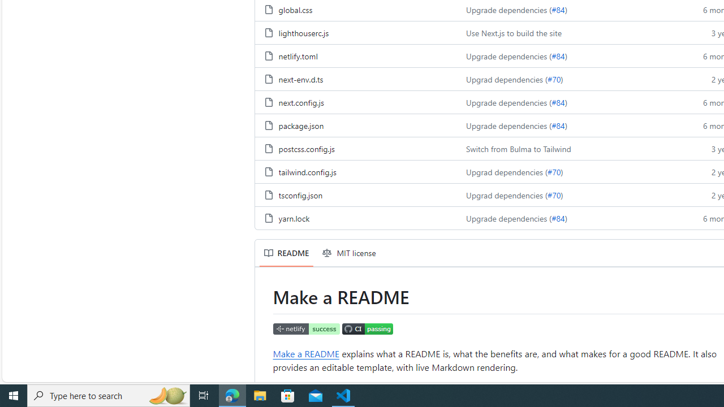 Image resolution: width=724 pixels, height=407 pixels. Describe the element at coordinates (367, 330) in the screenshot. I see `'CI status'` at that location.